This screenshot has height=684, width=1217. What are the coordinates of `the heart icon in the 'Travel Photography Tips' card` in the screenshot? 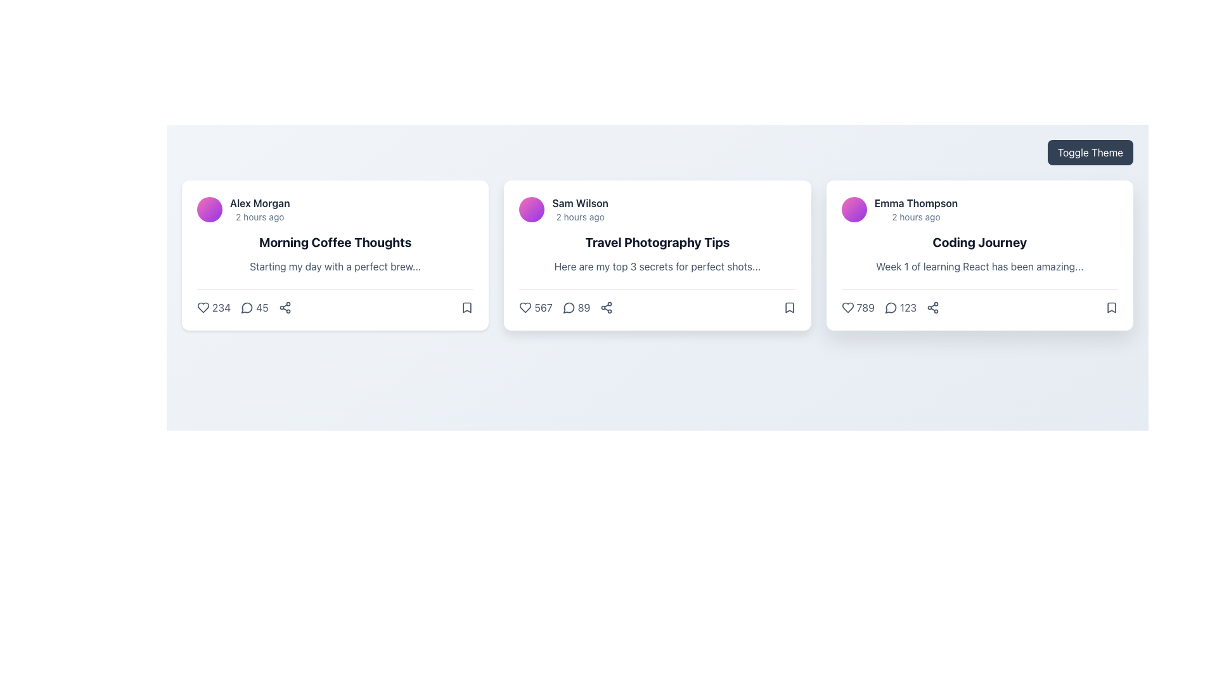 It's located at (536, 308).